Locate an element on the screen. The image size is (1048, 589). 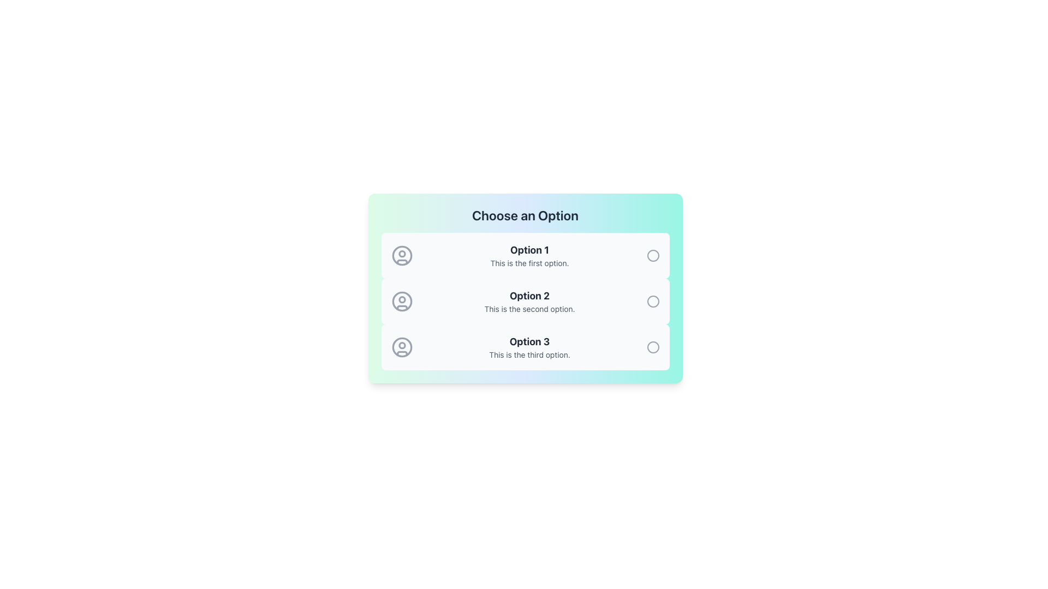
the text label titled 'Option 1' which contains the description 'This is the first option.' is located at coordinates (529, 256).